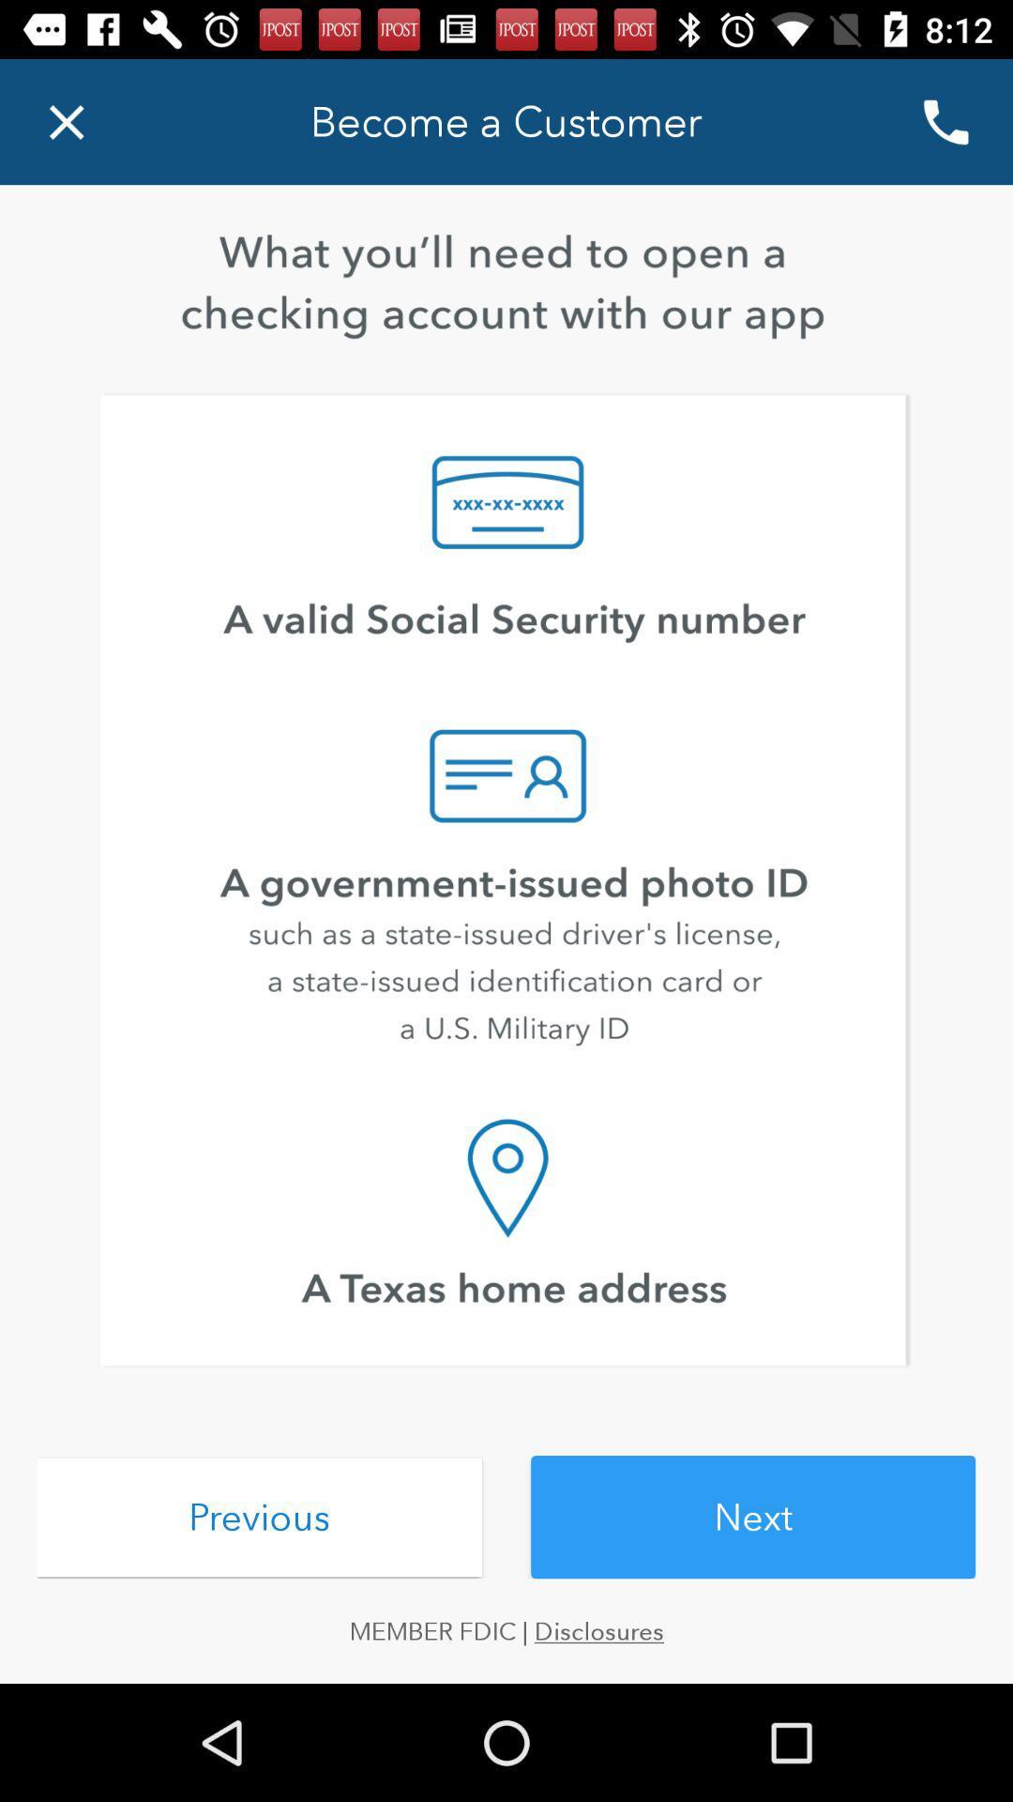  What do you see at coordinates (506, 1630) in the screenshot?
I see `the icon below next item` at bounding box center [506, 1630].